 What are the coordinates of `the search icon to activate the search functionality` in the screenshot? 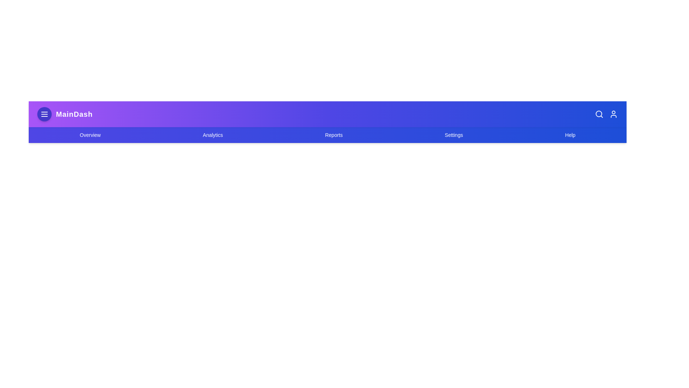 It's located at (599, 114).